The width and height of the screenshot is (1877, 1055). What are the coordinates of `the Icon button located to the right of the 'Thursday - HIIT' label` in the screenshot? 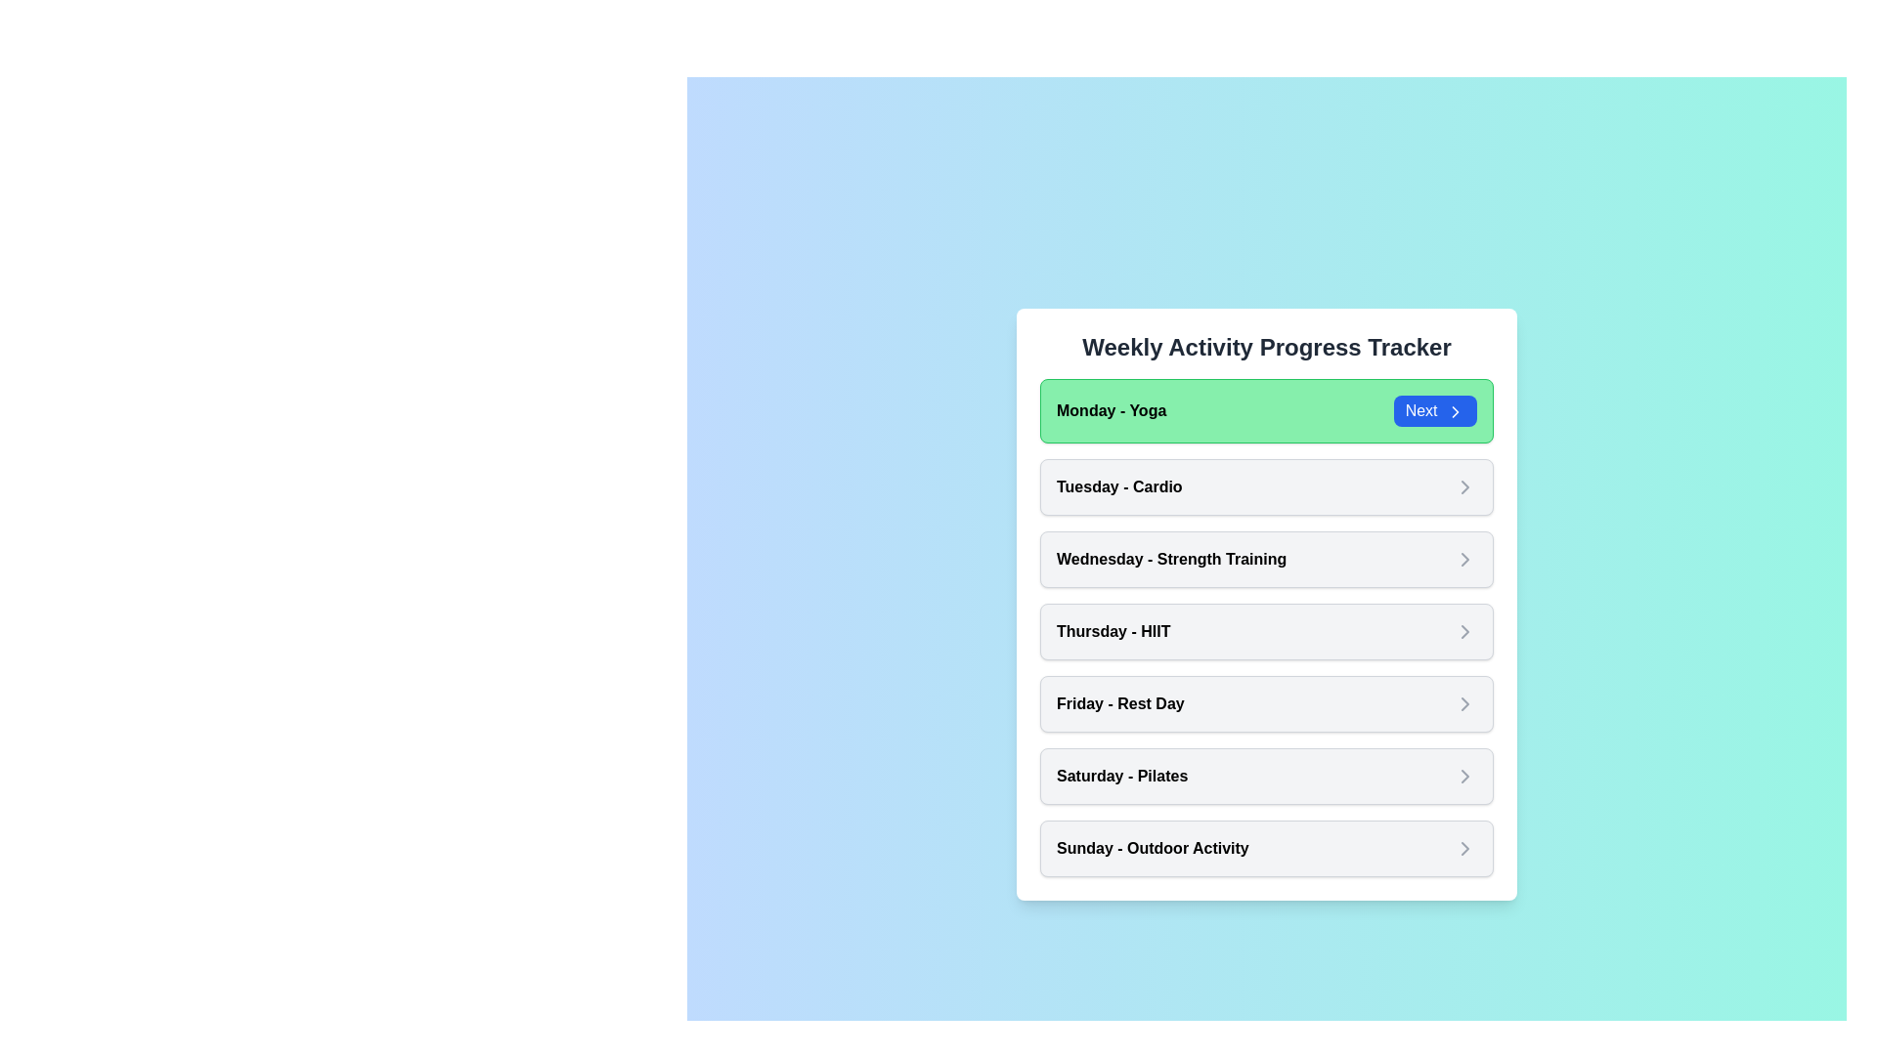 It's located at (1464, 632).